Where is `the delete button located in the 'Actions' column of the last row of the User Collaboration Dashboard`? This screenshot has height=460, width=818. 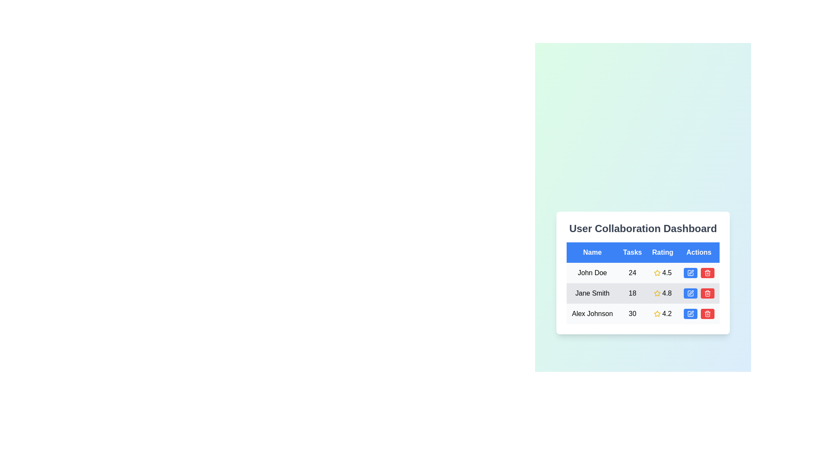 the delete button located in the 'Actions' column of the last row of the User Collaboration Dashboard is located at coordinates (707, 313).